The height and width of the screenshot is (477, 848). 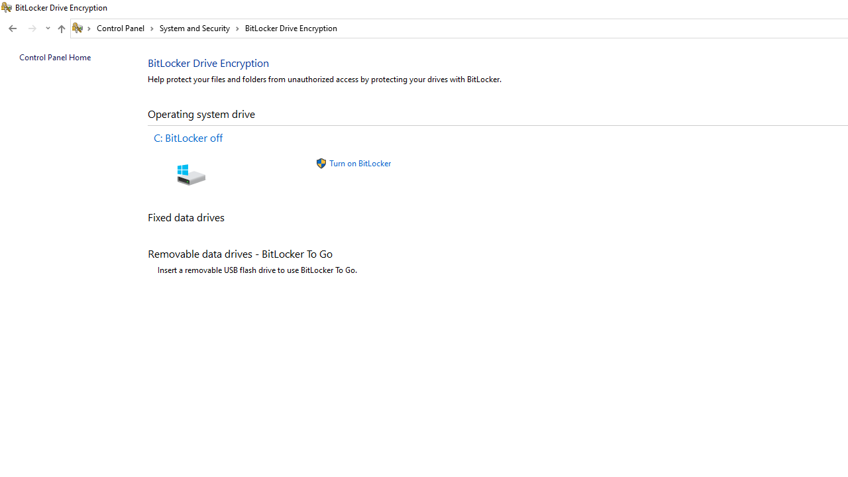 I want to click on 'Back to System and Security (Alt + Left Arrow)', so click(x=13, y=28).